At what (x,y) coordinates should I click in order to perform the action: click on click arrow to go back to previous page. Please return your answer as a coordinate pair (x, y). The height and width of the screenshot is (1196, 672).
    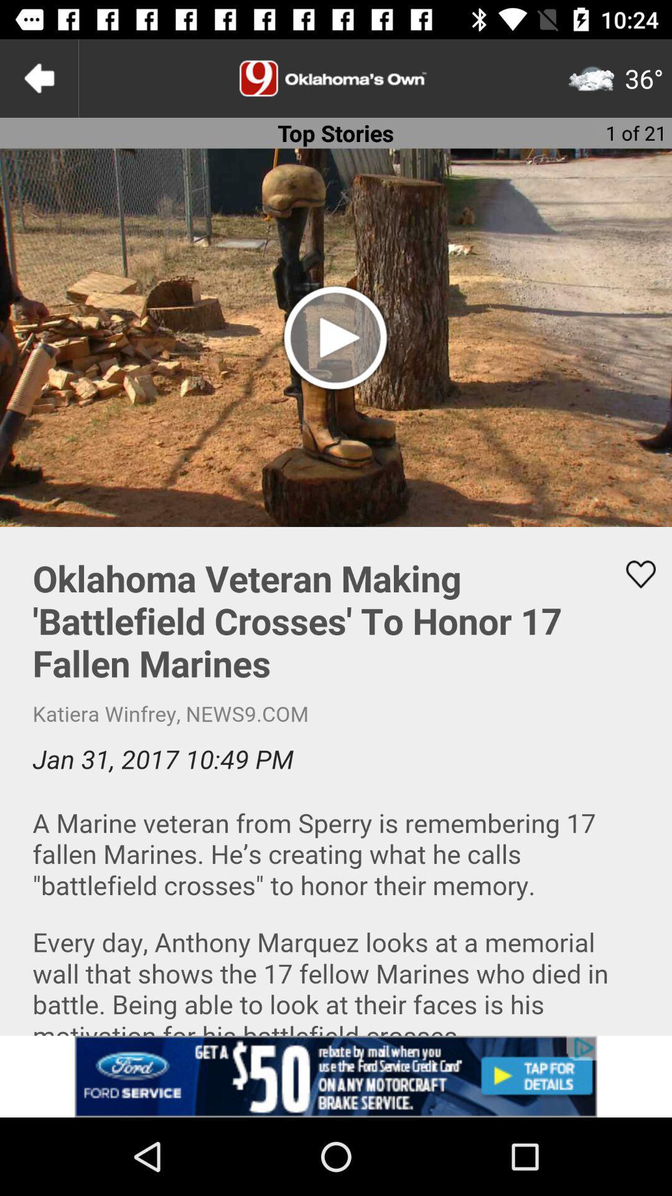
    Looking at the image, I should click on (38, 77).